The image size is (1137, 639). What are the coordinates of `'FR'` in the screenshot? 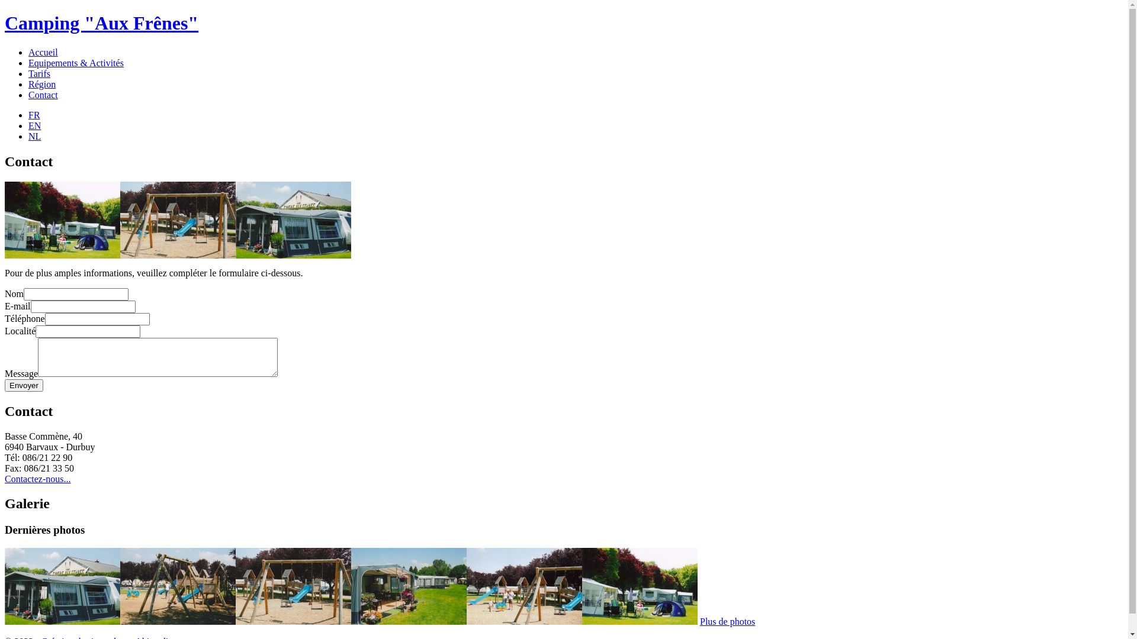 It's located at (34, 115).